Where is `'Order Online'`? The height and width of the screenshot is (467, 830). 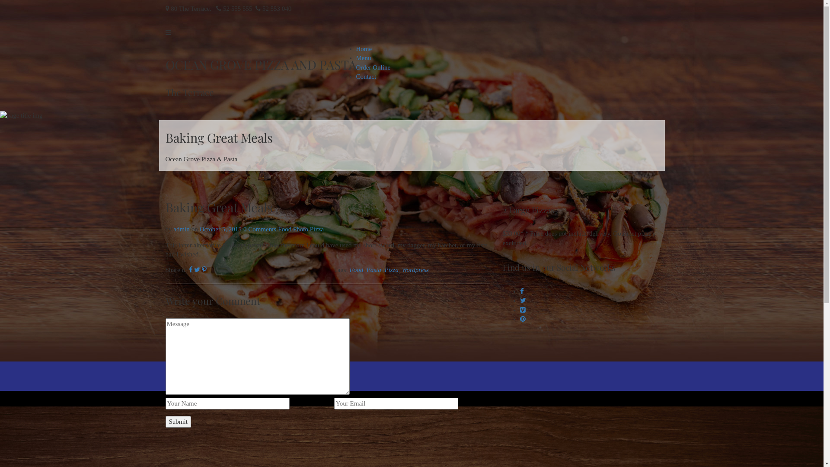
'Order Online' is located at coordinates (373, 67).